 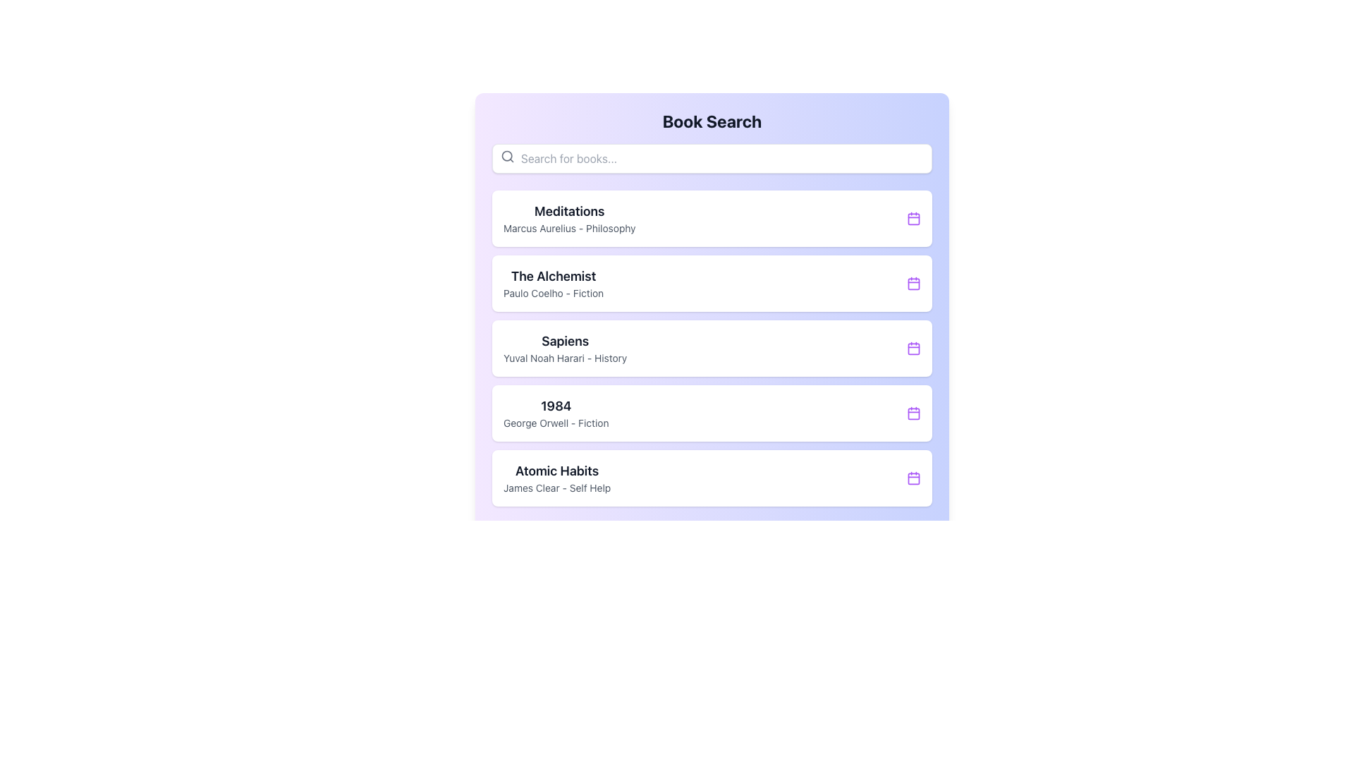 What do you see at coordinates (565, 348) in the screenshot?
I see `the third book entry card displaying the title and metadata (author and genre)` at bounding box center [565, 348].